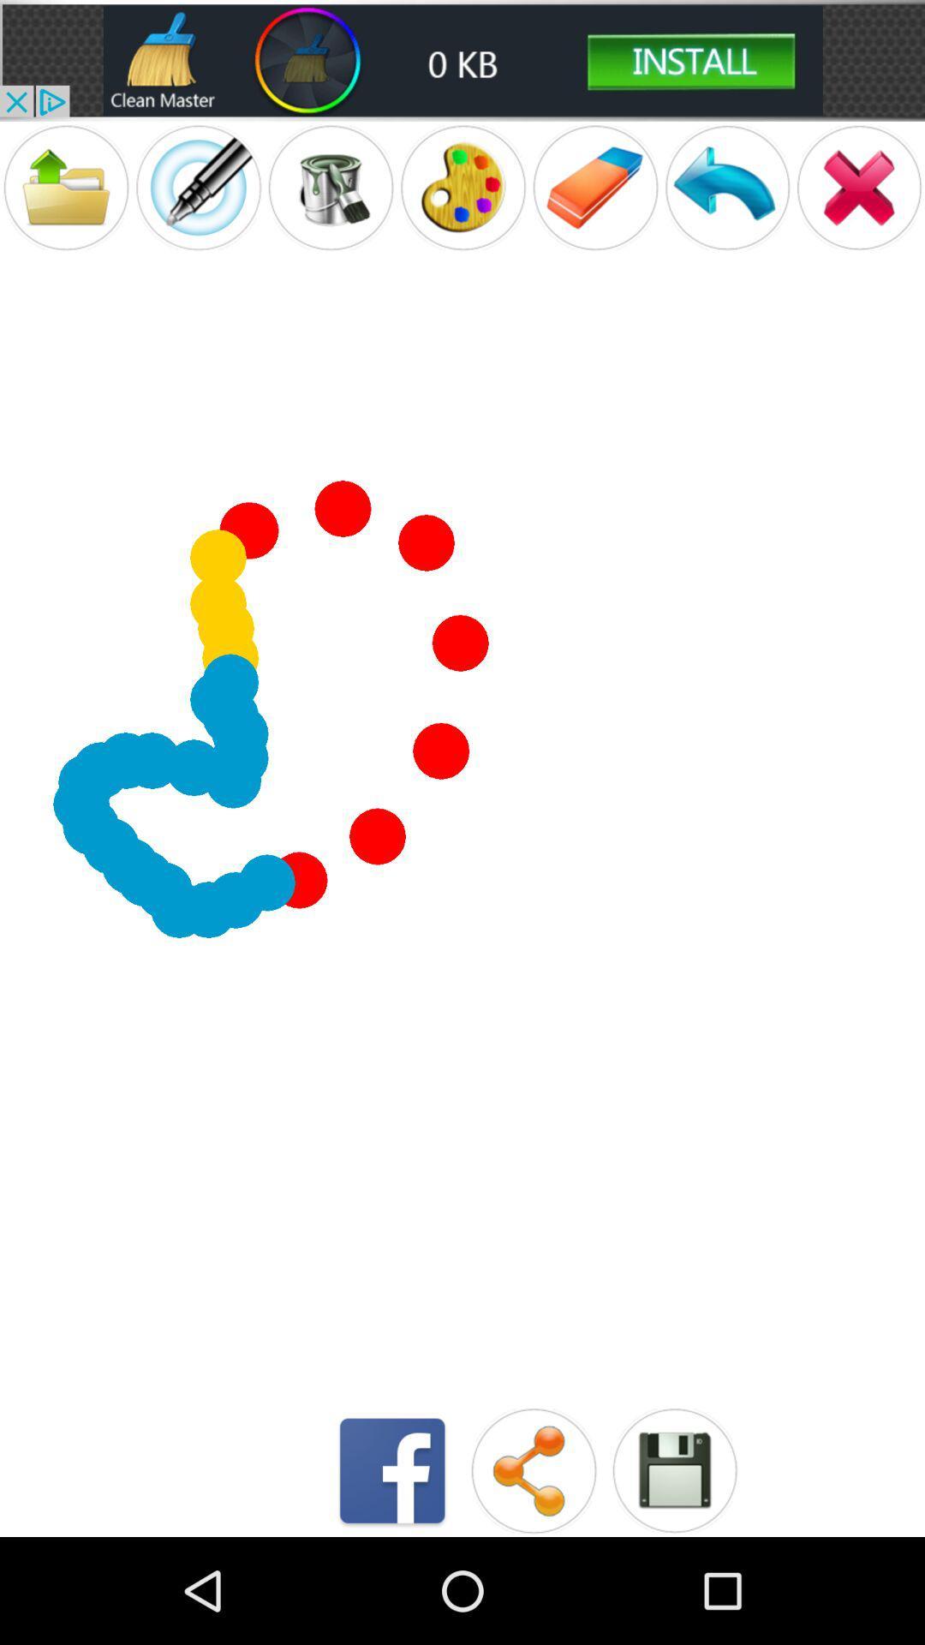 The width and height of the screenshot is (925, 1645). What do you see at coordinates (65, 200) in the screenshot?
I see `the folder icon` at bounding box center [65, 200].